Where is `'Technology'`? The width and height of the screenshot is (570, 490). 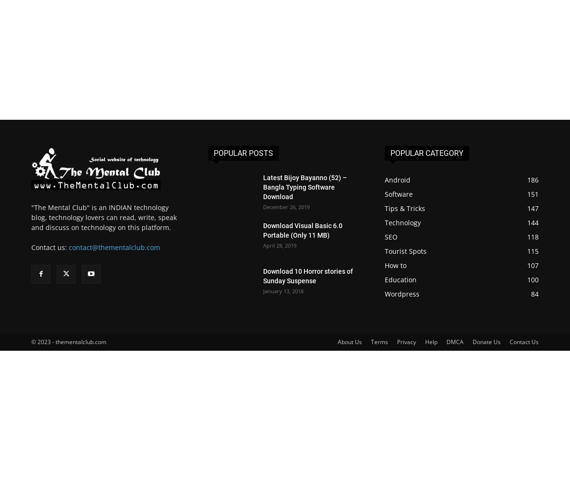
'Technology' is located at coordinates (402, 222).